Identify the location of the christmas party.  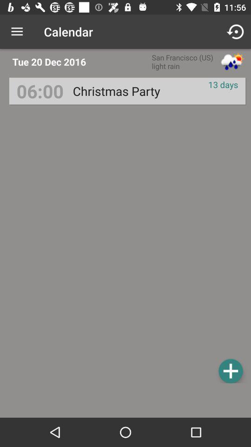
(116, 91).